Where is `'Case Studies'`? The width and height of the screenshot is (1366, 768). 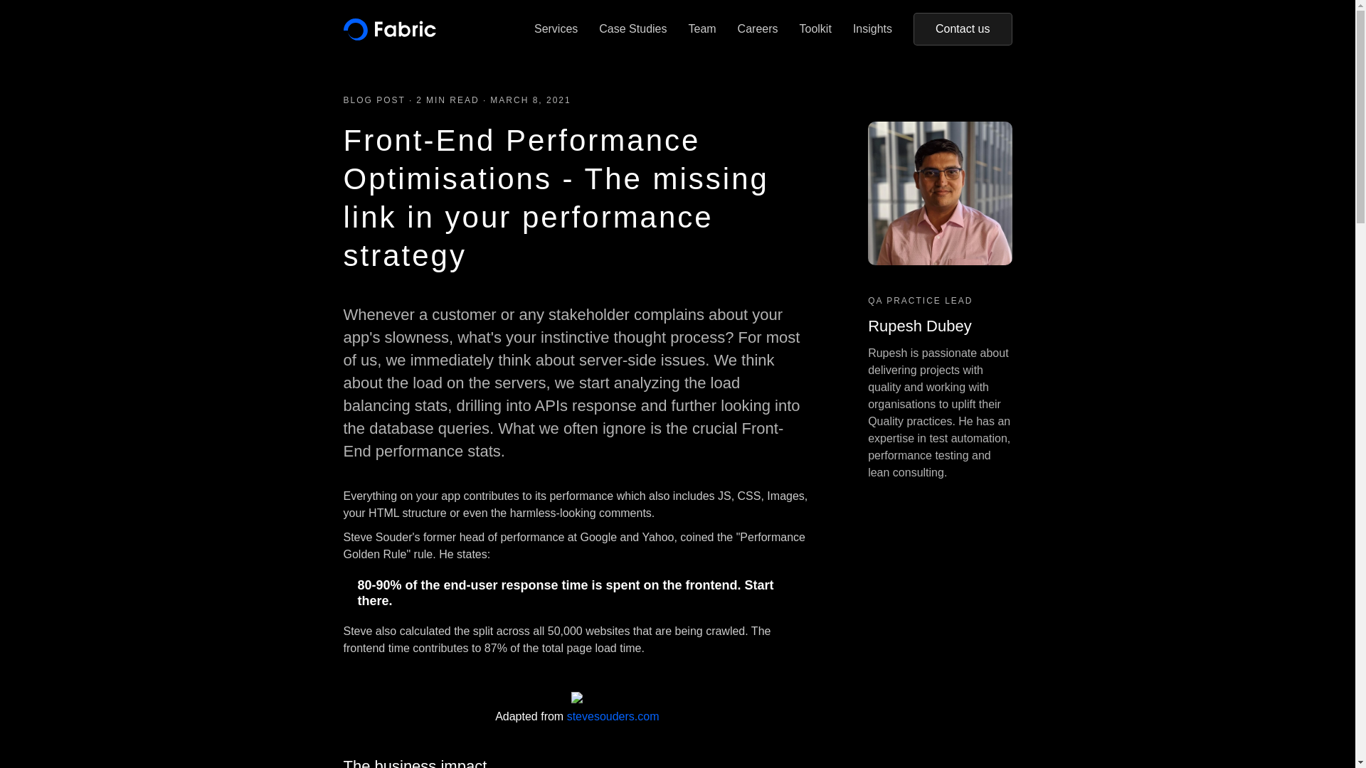 'Case Studies' is located at coordinates (632, 29).